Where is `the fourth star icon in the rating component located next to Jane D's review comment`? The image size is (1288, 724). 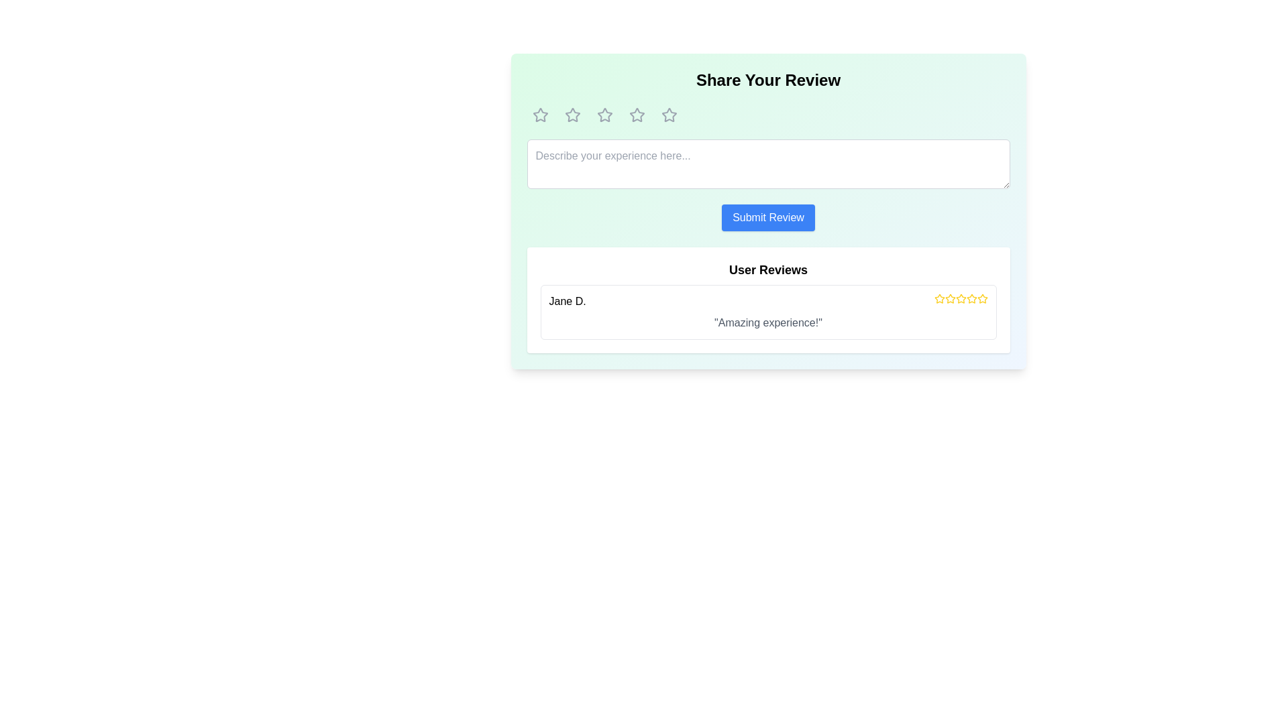
the fourth star icon in the rating component located next to Jane D's review comment is located at coordinates (960, 298).